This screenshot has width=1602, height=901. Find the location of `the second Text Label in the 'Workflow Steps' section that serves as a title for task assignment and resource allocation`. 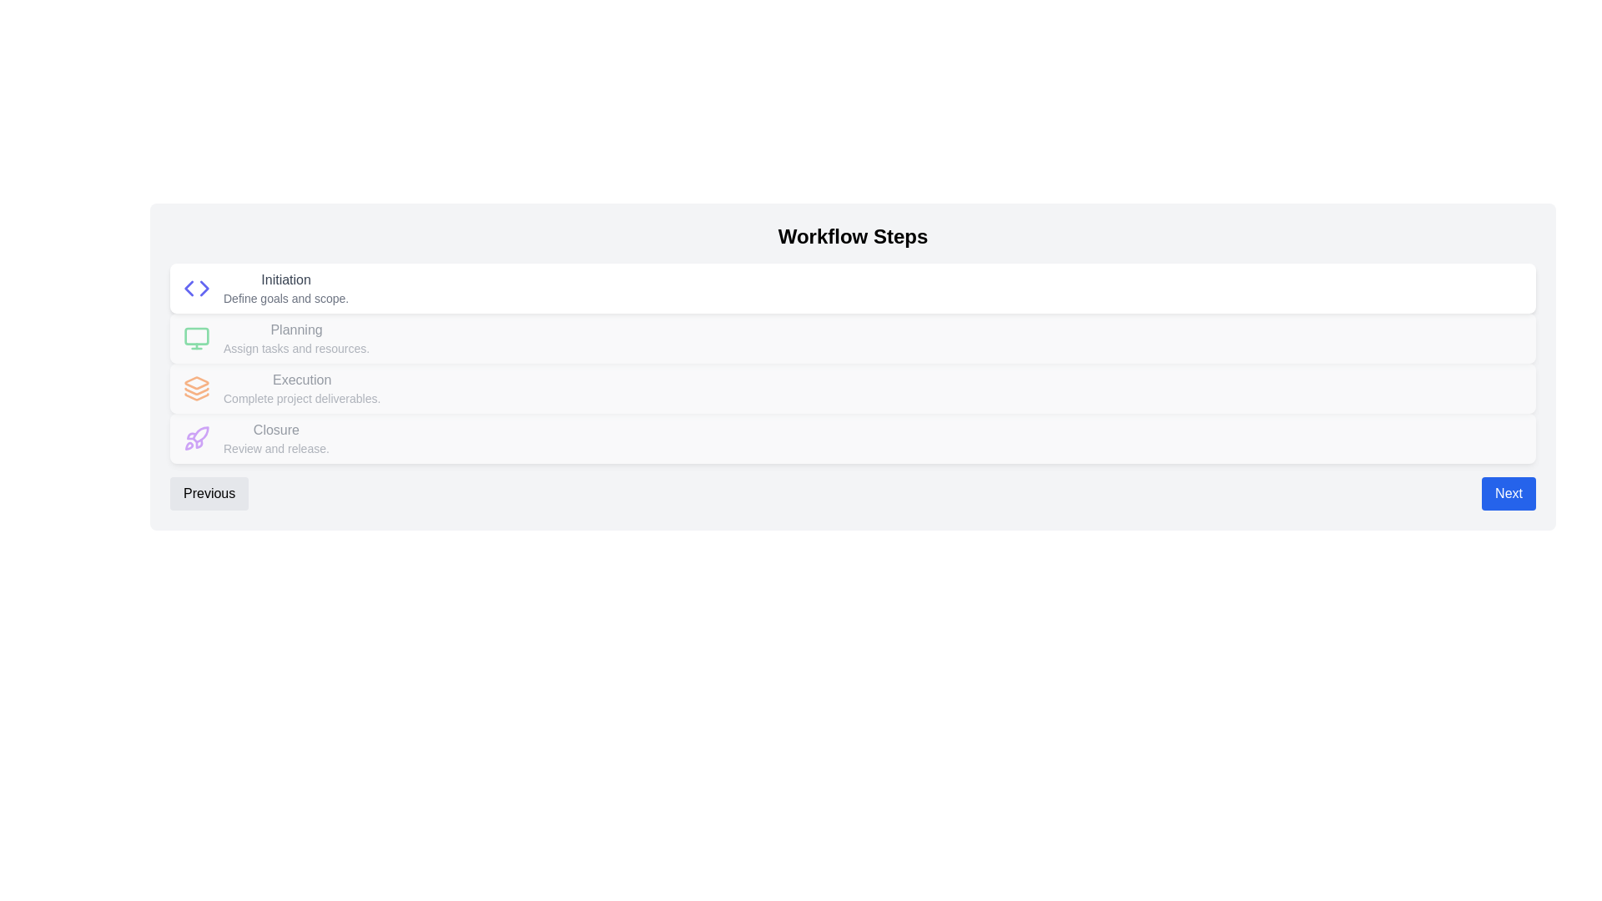

the second Text Label in the 'Workflow Steps' section that serves as a title for task assignment and resource allocation is located at coordinates (296, 330).